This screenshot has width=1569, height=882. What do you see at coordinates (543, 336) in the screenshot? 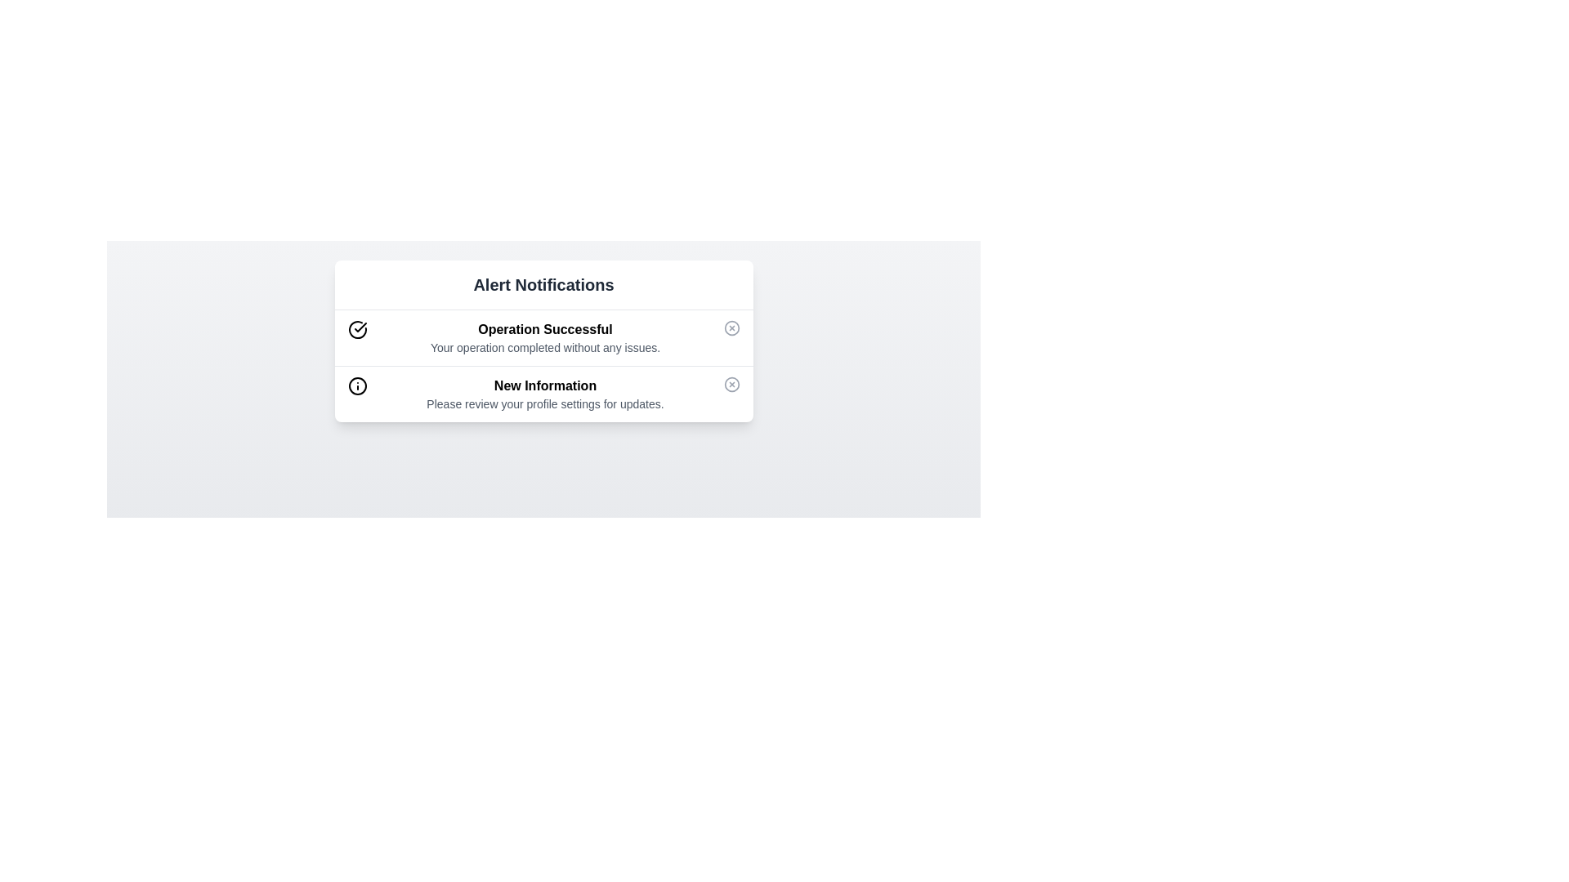
I see `the success notification card labeled 'Operation Successful' which is the first notification card in the 'Alert Notifications' section` at bounding box center [543, 336].